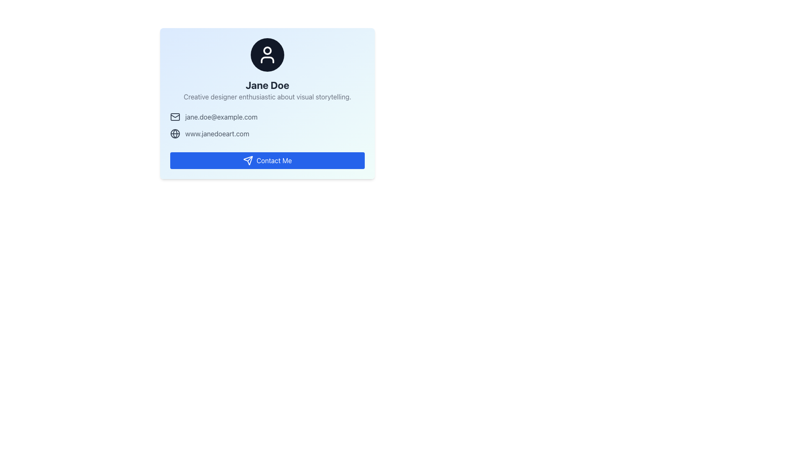 The height and width of the screenshot is (453, 805). Describe the element at coordinates (174, 133) in the screenshot. I see `the graphic/icon located to the left of the text 'www.janedoeart.com', which serves as a visual indicator for the website URL` at that location.